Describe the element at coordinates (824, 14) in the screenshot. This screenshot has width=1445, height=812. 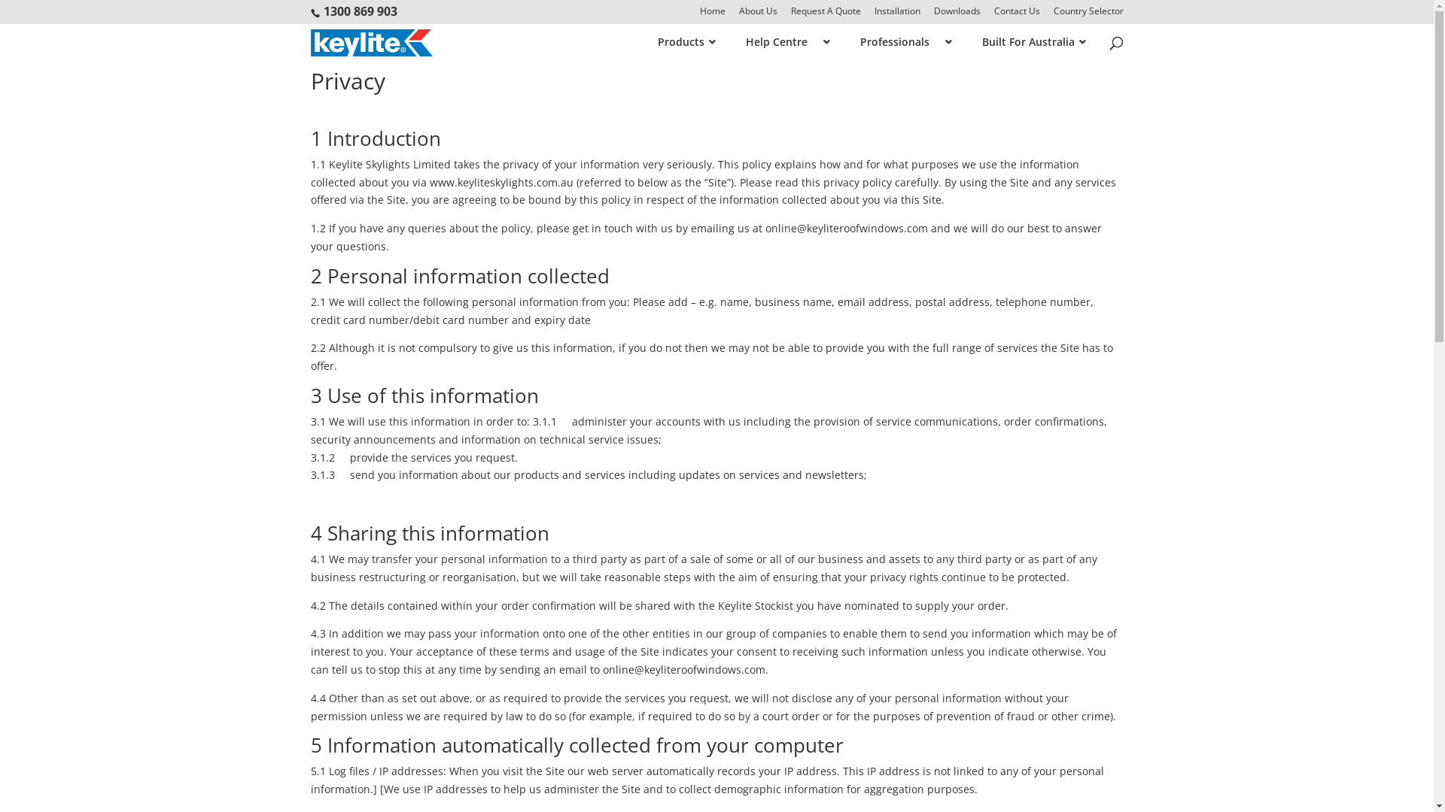
I see `'Request A Quote'` at that location.